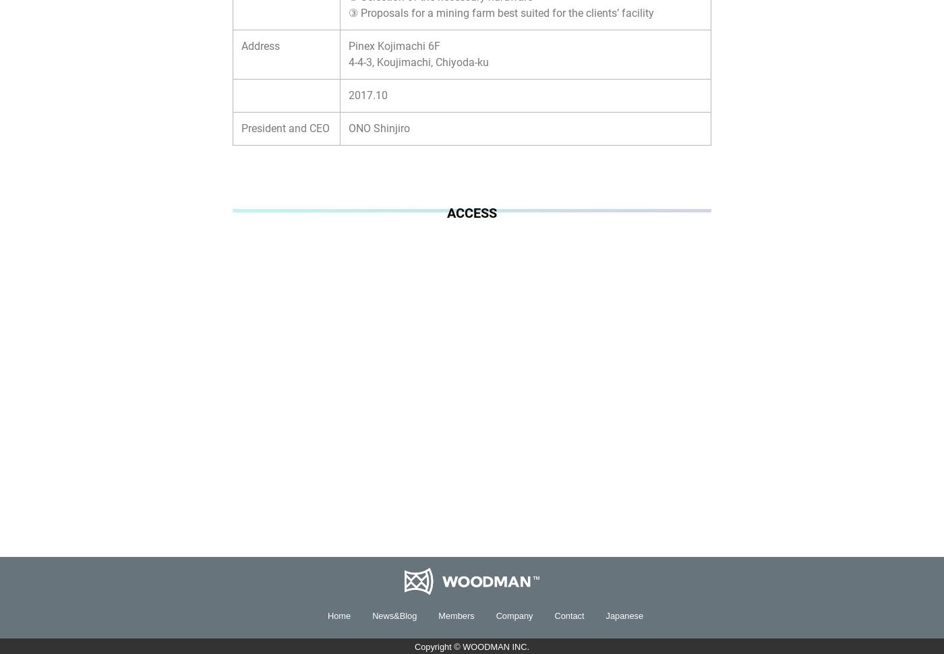  I want to click on 'Copyright © WOODMAN INC.', so click(471, 645).